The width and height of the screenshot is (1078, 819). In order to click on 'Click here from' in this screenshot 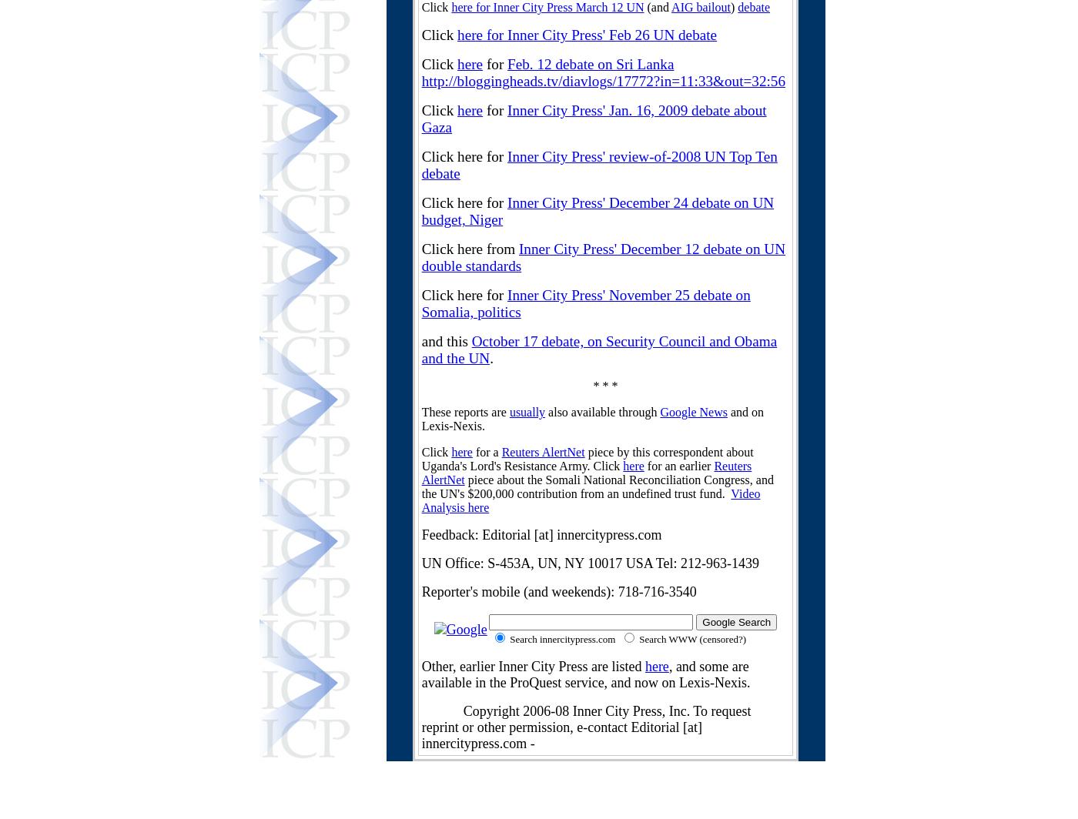, I will do `click(469, 249)`.